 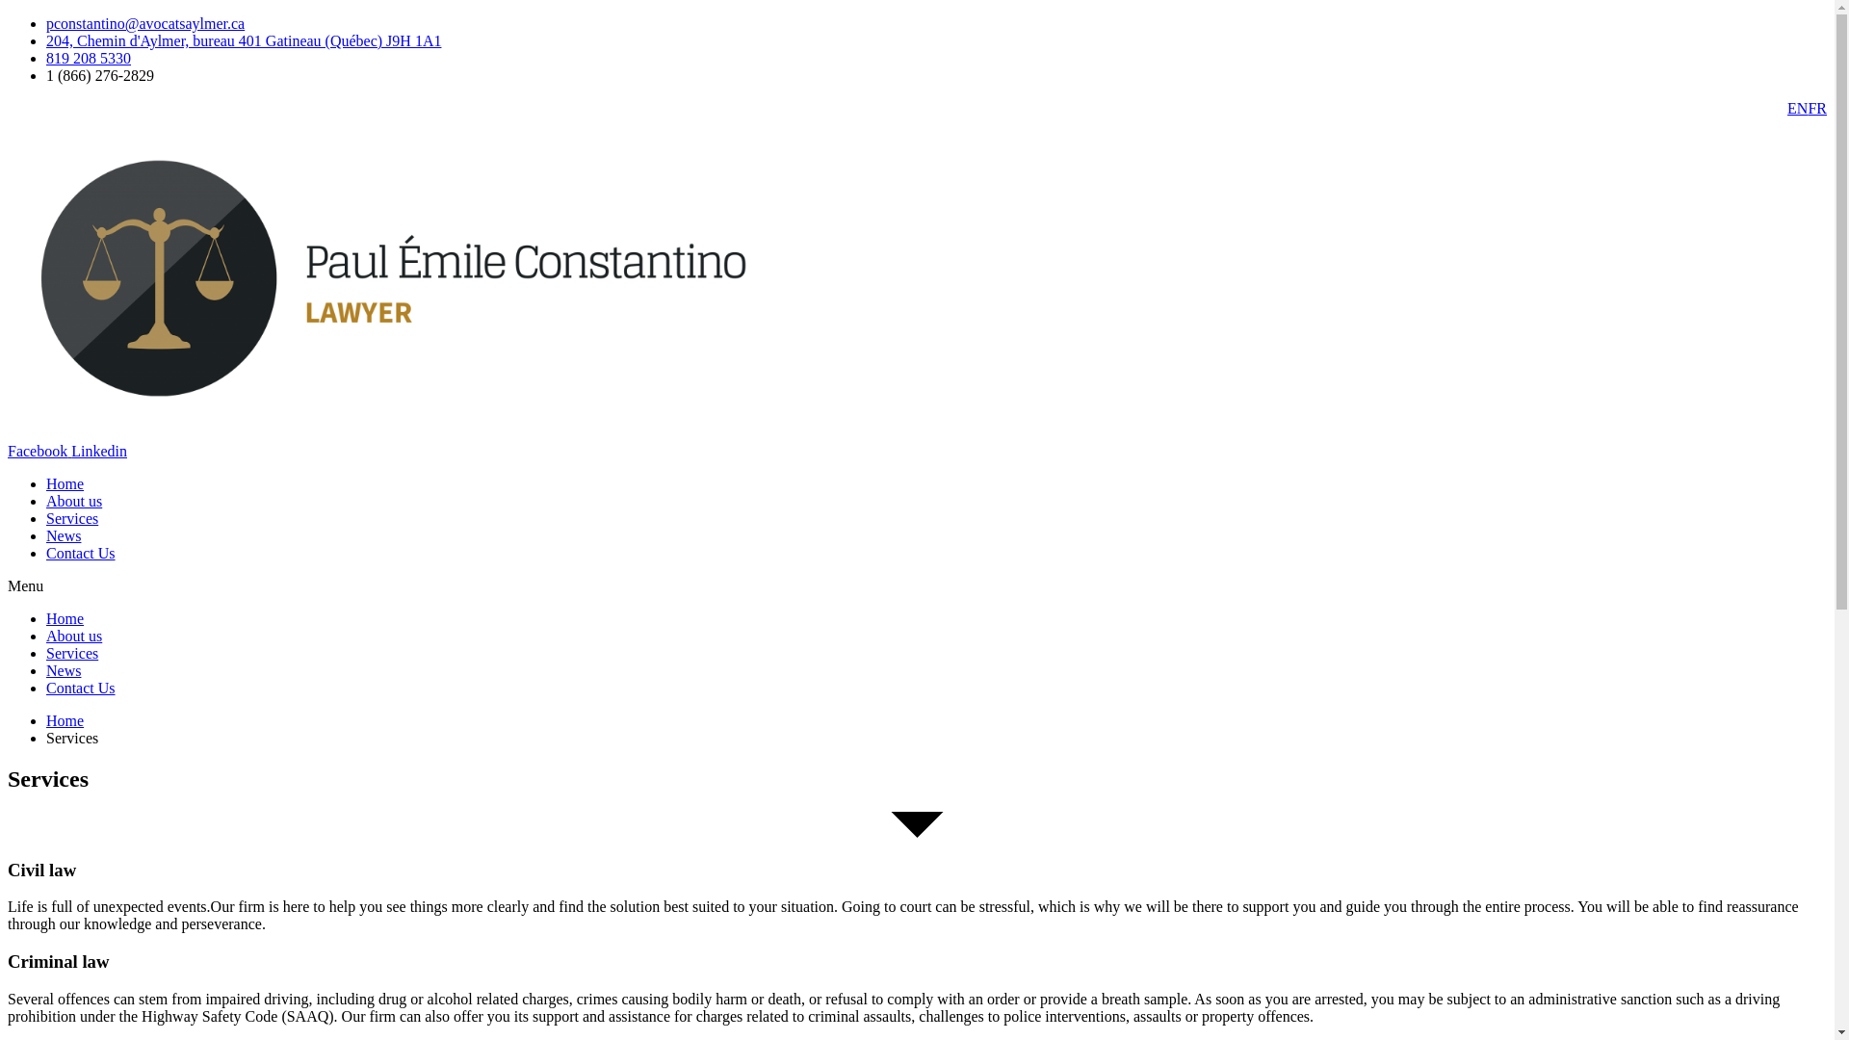 I want to click on 'Facebook', so click(x=8, y=451).